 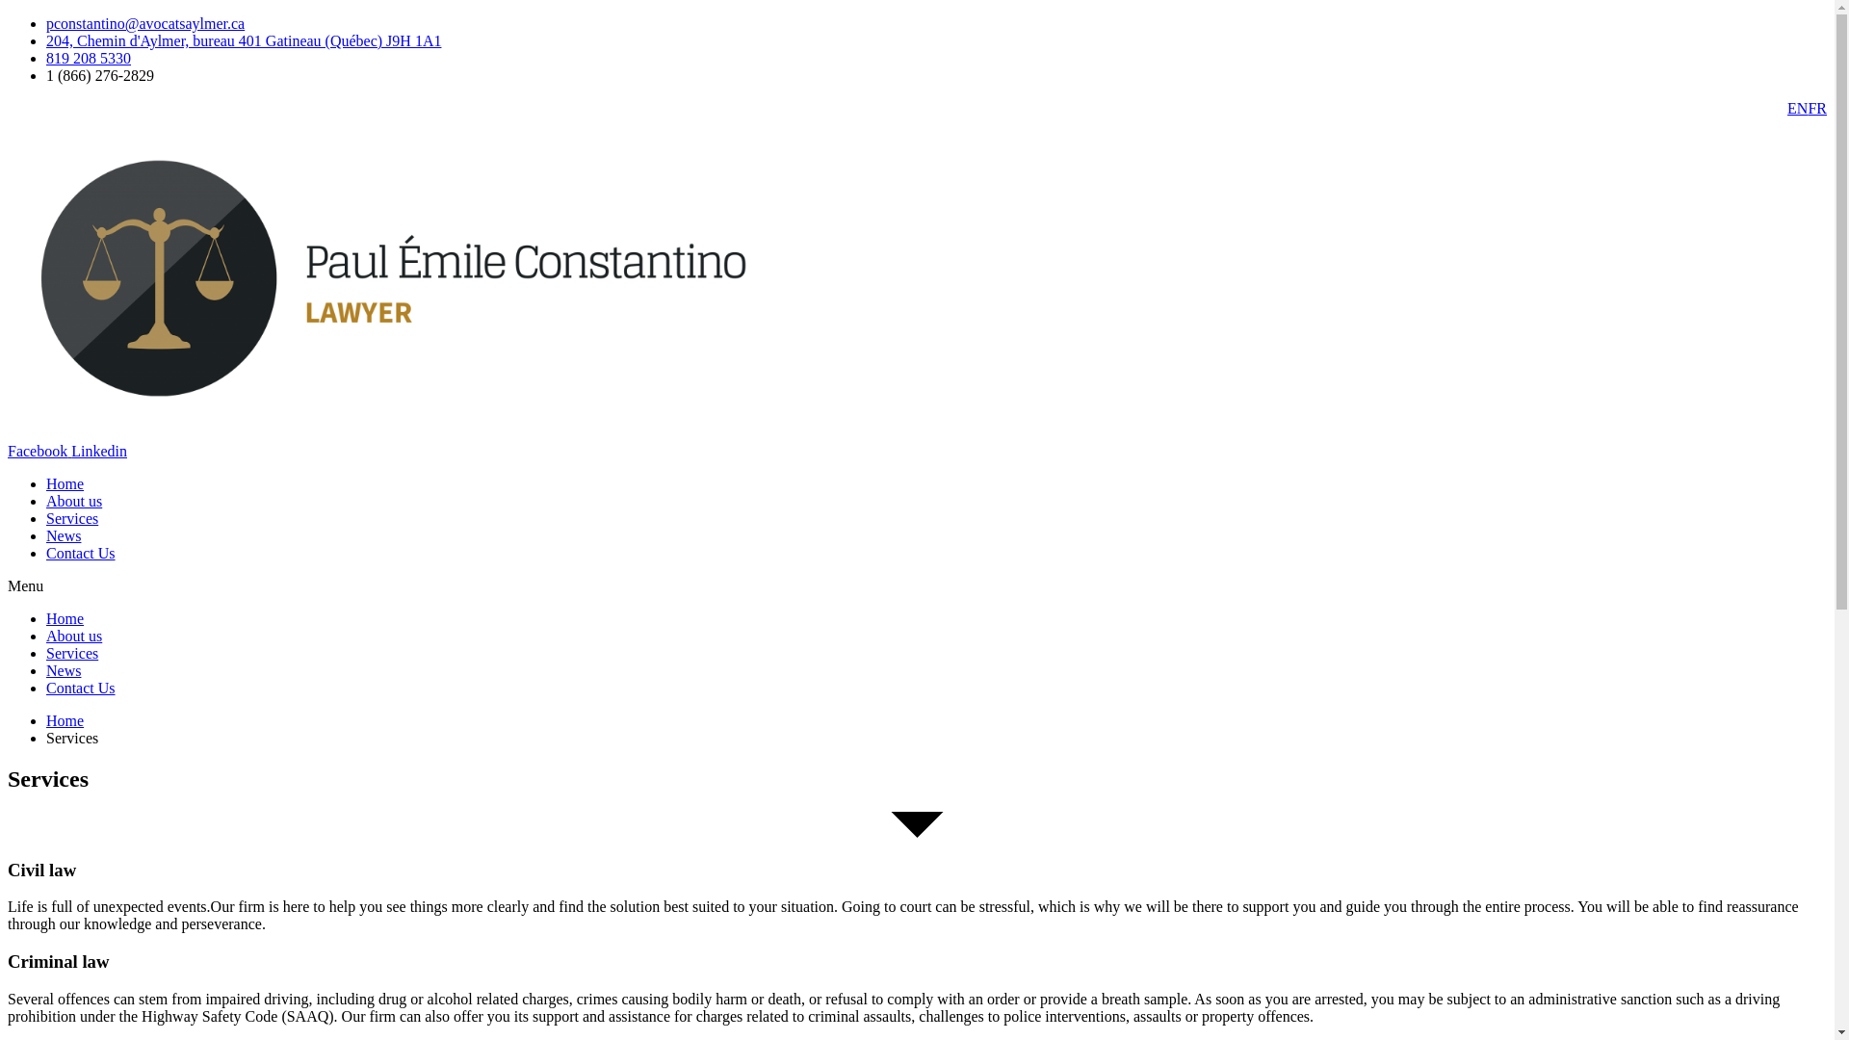 I want to click on 'Facebook', so click(x=8, y=451).